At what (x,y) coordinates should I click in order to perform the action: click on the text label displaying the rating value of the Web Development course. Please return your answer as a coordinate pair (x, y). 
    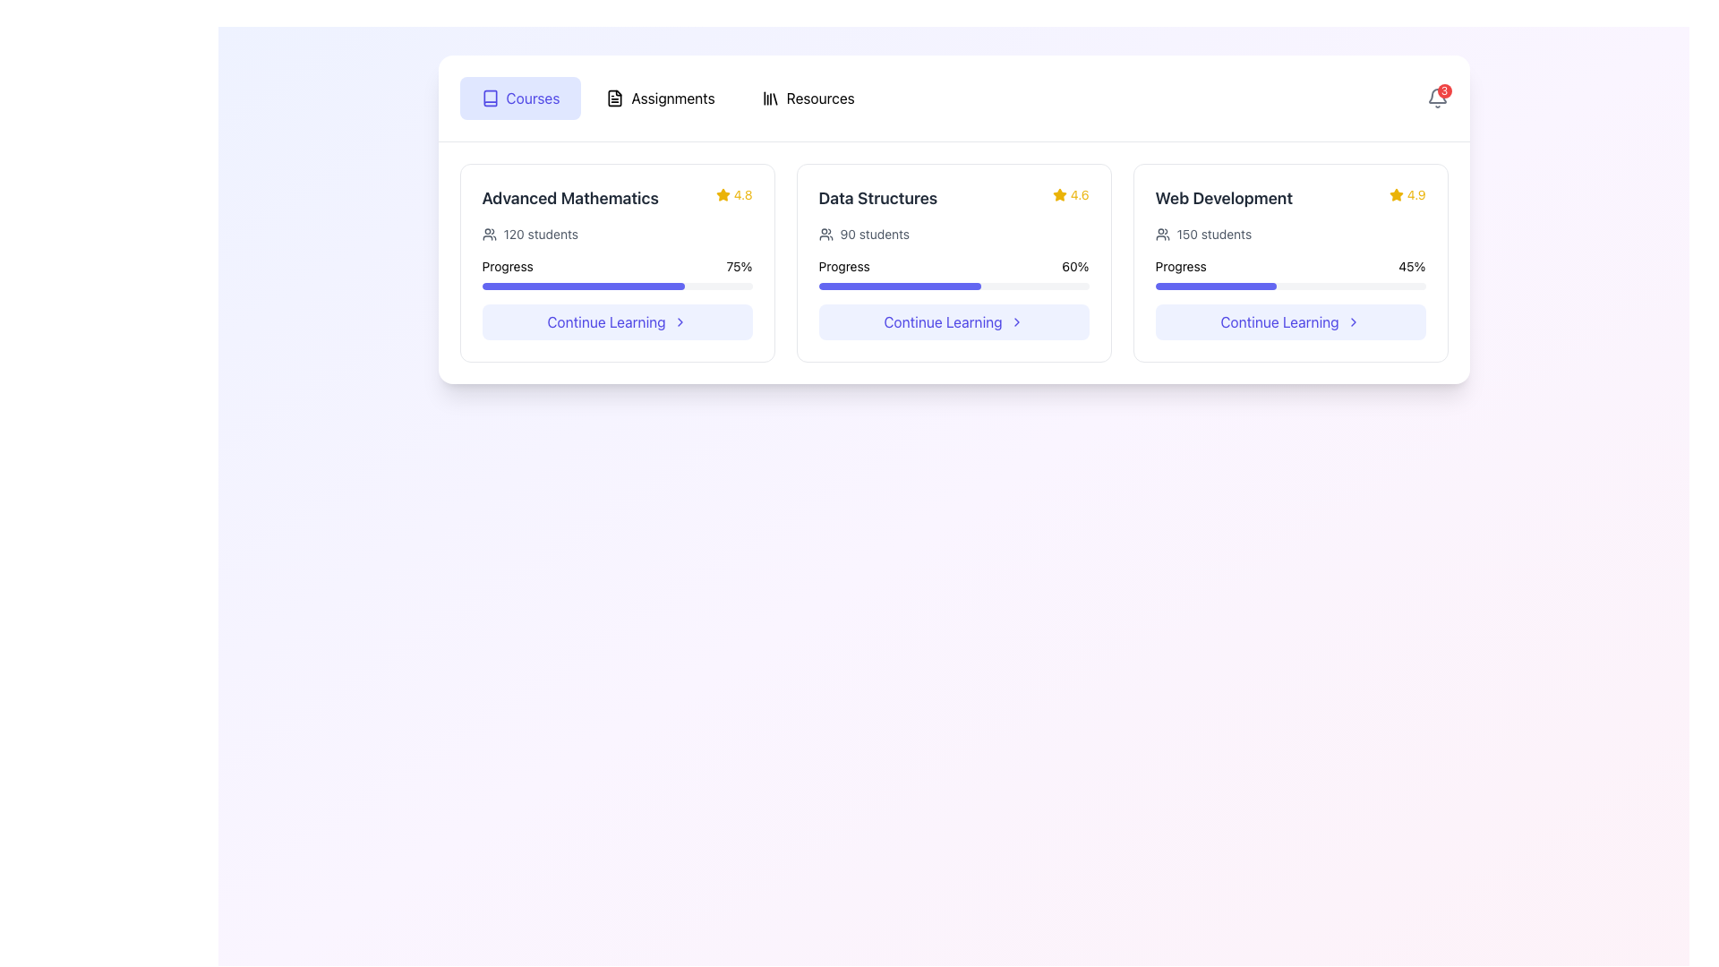
    Looking at the image, I should click on (1415, 195).